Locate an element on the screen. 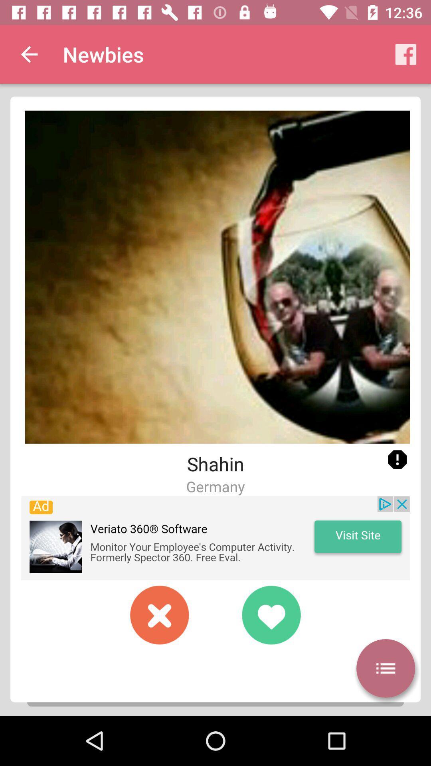 This screenshot has height=766, width=431. open menu option is located at coordinates (385, 668).